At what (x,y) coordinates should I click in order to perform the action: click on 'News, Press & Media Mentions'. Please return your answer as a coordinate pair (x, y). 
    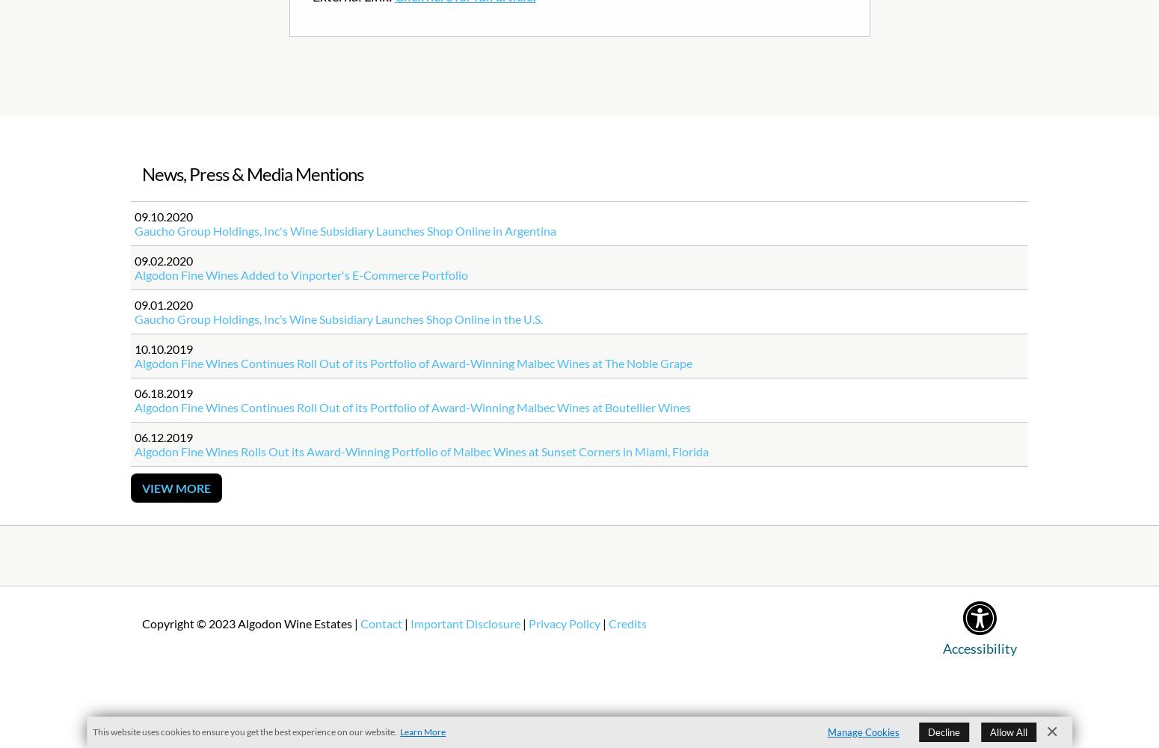
    Looking at the image, I should click on (252, 173).